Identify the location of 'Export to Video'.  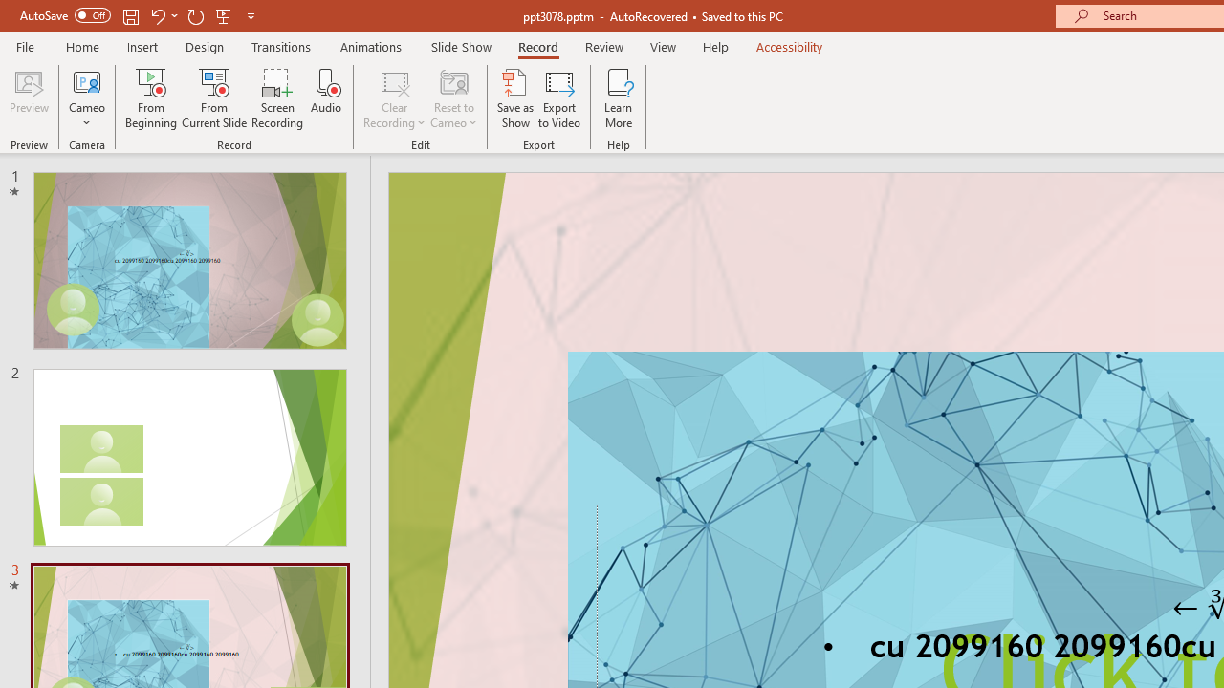
(558, 98).